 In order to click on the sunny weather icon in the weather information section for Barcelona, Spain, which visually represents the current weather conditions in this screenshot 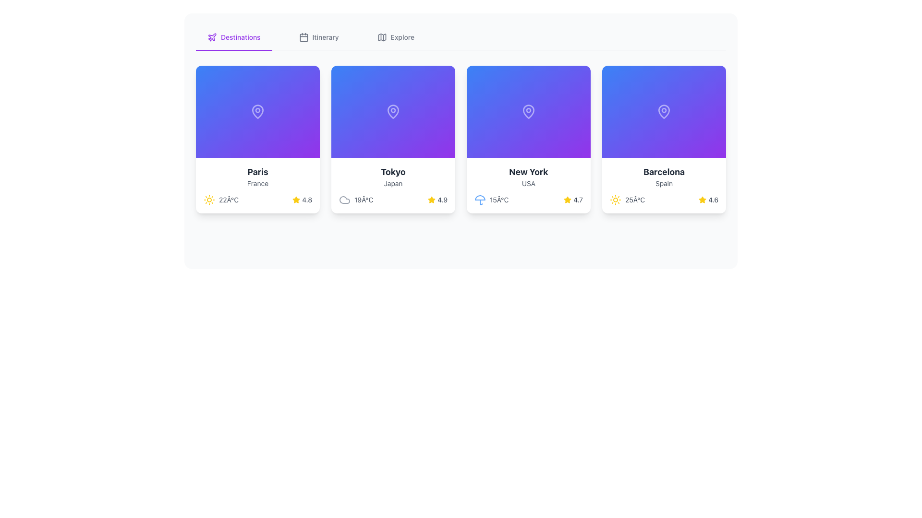, I will do `click(615, 199)`.